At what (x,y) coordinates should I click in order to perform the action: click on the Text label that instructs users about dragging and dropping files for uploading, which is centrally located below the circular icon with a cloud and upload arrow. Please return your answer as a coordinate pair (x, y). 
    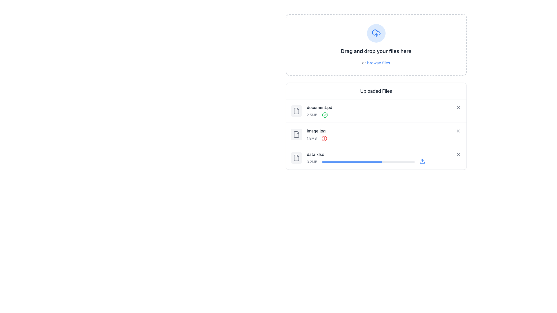
    Looking at the image, I should click on (376, 51).